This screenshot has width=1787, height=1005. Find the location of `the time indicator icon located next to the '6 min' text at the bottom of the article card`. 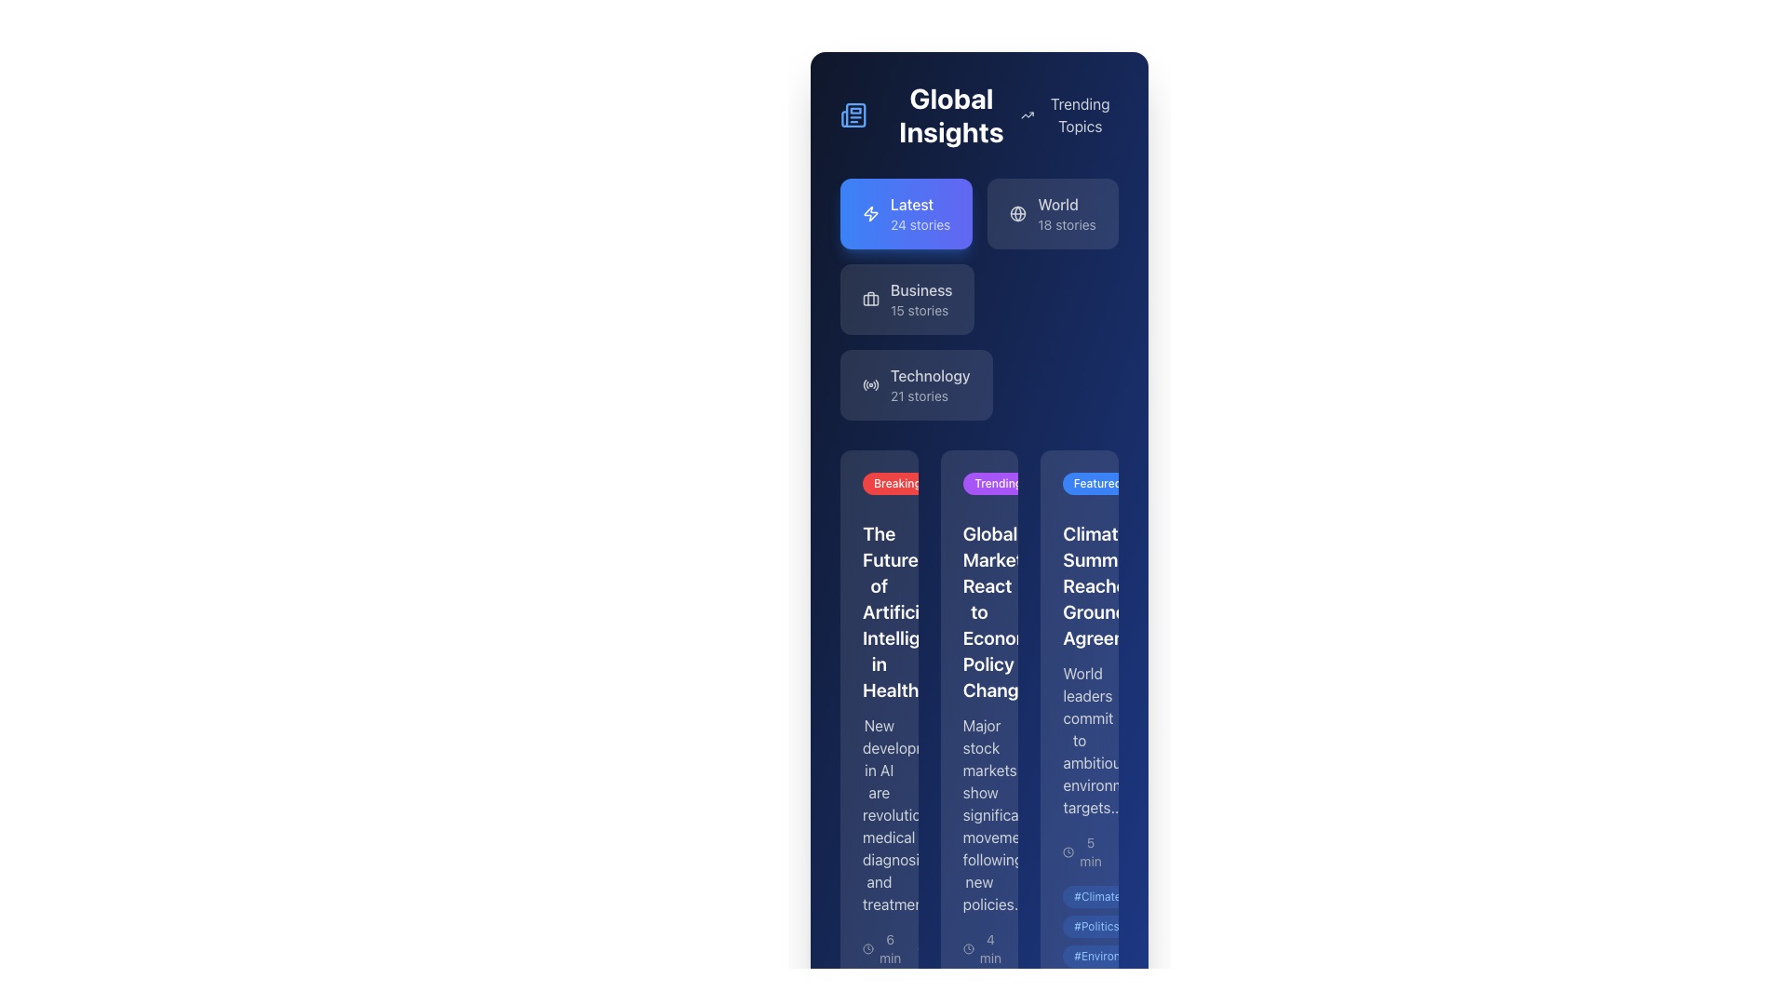

the time indicator icon located next to the '6 min' text at the bottom of the article card is located at coordinates (867, 948).